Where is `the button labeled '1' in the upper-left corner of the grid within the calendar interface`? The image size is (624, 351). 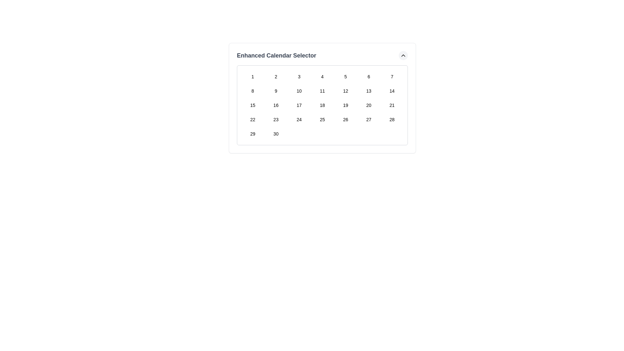
the button labeled '1' in the upper-left corner of the grid within the calendar interface is located at coordinates (252, 76).